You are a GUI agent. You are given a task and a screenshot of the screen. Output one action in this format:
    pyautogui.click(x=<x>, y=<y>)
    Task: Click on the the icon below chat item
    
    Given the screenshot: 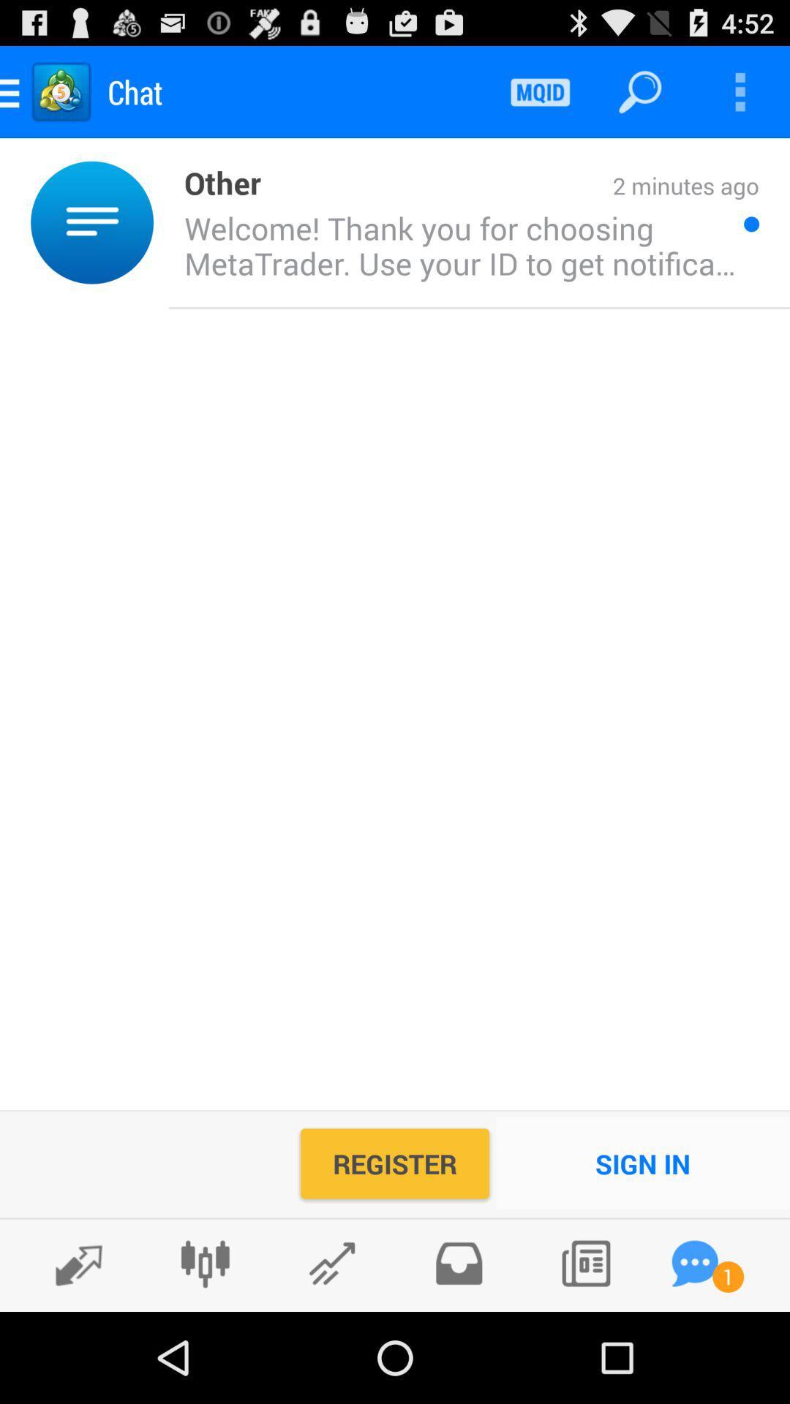 What is the action you would take?
    pyautogui.click(x=161, y=222)
    